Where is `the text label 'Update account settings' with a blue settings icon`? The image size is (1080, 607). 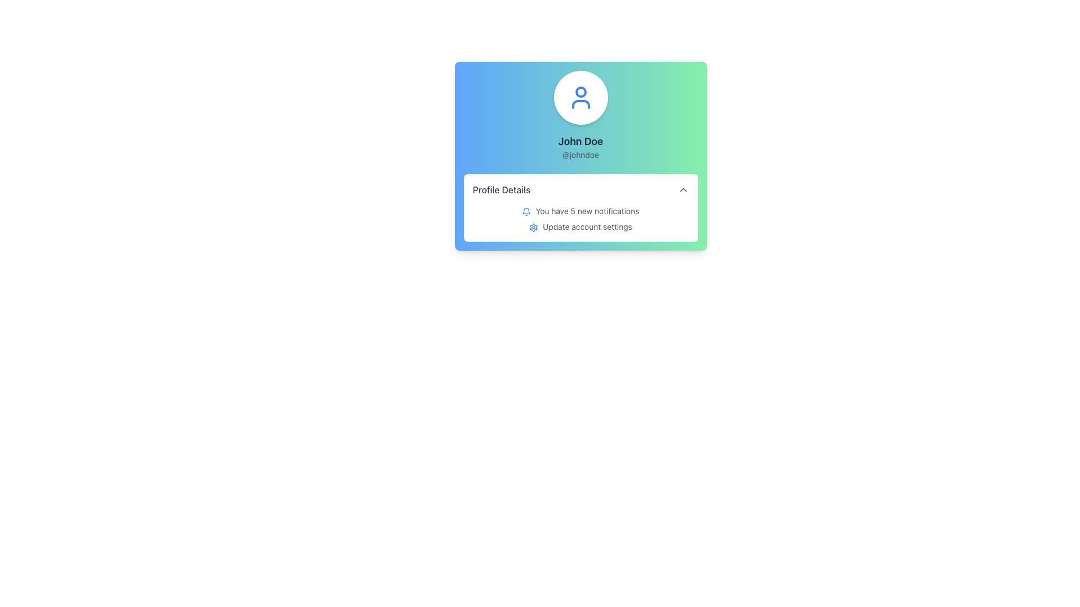
the text label 'Update account settings' with a blue settings icon is located at coordinates (580, 227).